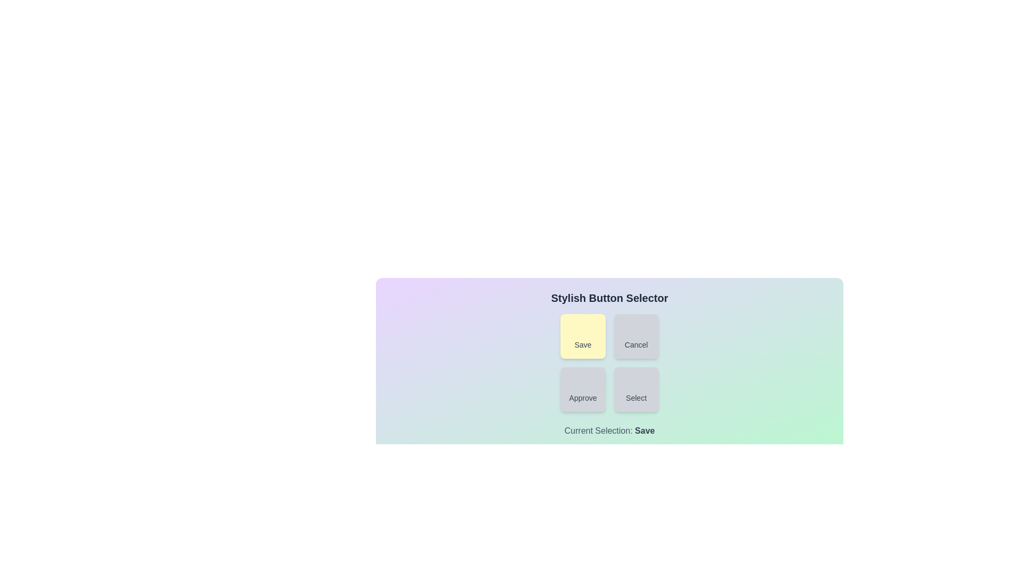  What do you see at coordinates (635, 336) in the screenshot?
I see `the button labeled Cancel to observe its visual feedback` at bounding box center [635, 336].